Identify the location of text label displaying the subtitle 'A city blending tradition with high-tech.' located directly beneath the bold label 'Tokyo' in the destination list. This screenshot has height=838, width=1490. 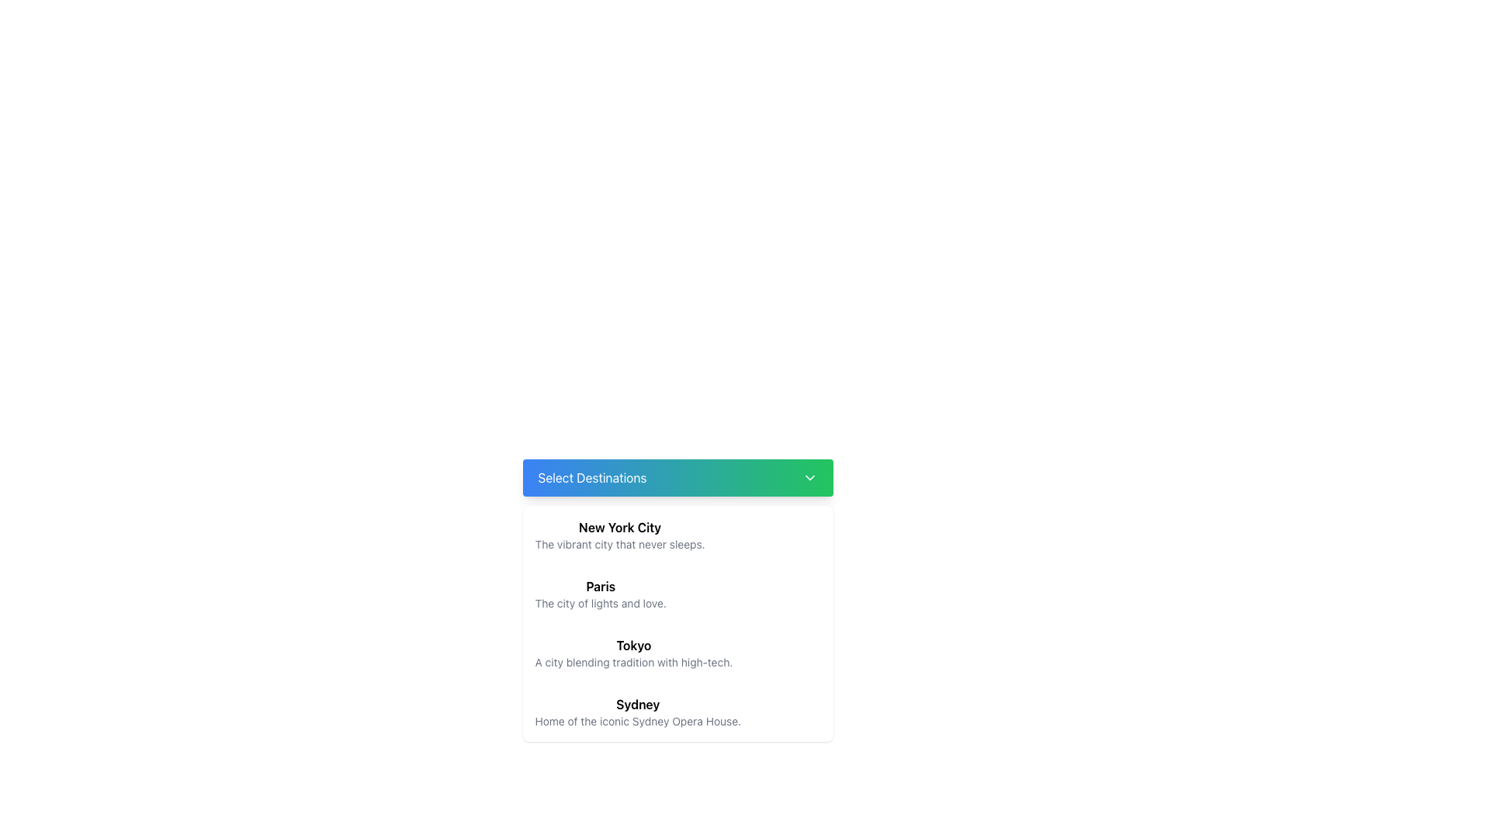
(633, 662).